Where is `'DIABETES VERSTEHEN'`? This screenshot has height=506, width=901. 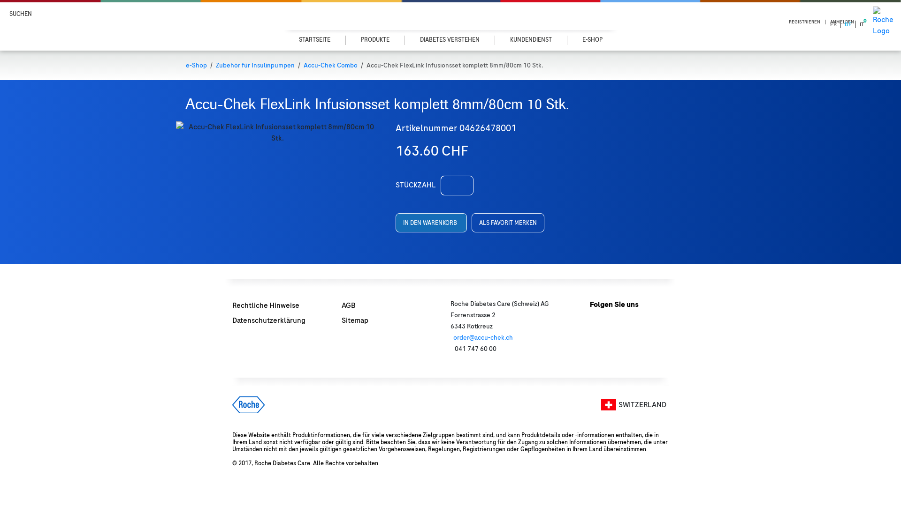 'DIABETES VERSTEHEN' is located at coordinates (449, 39).